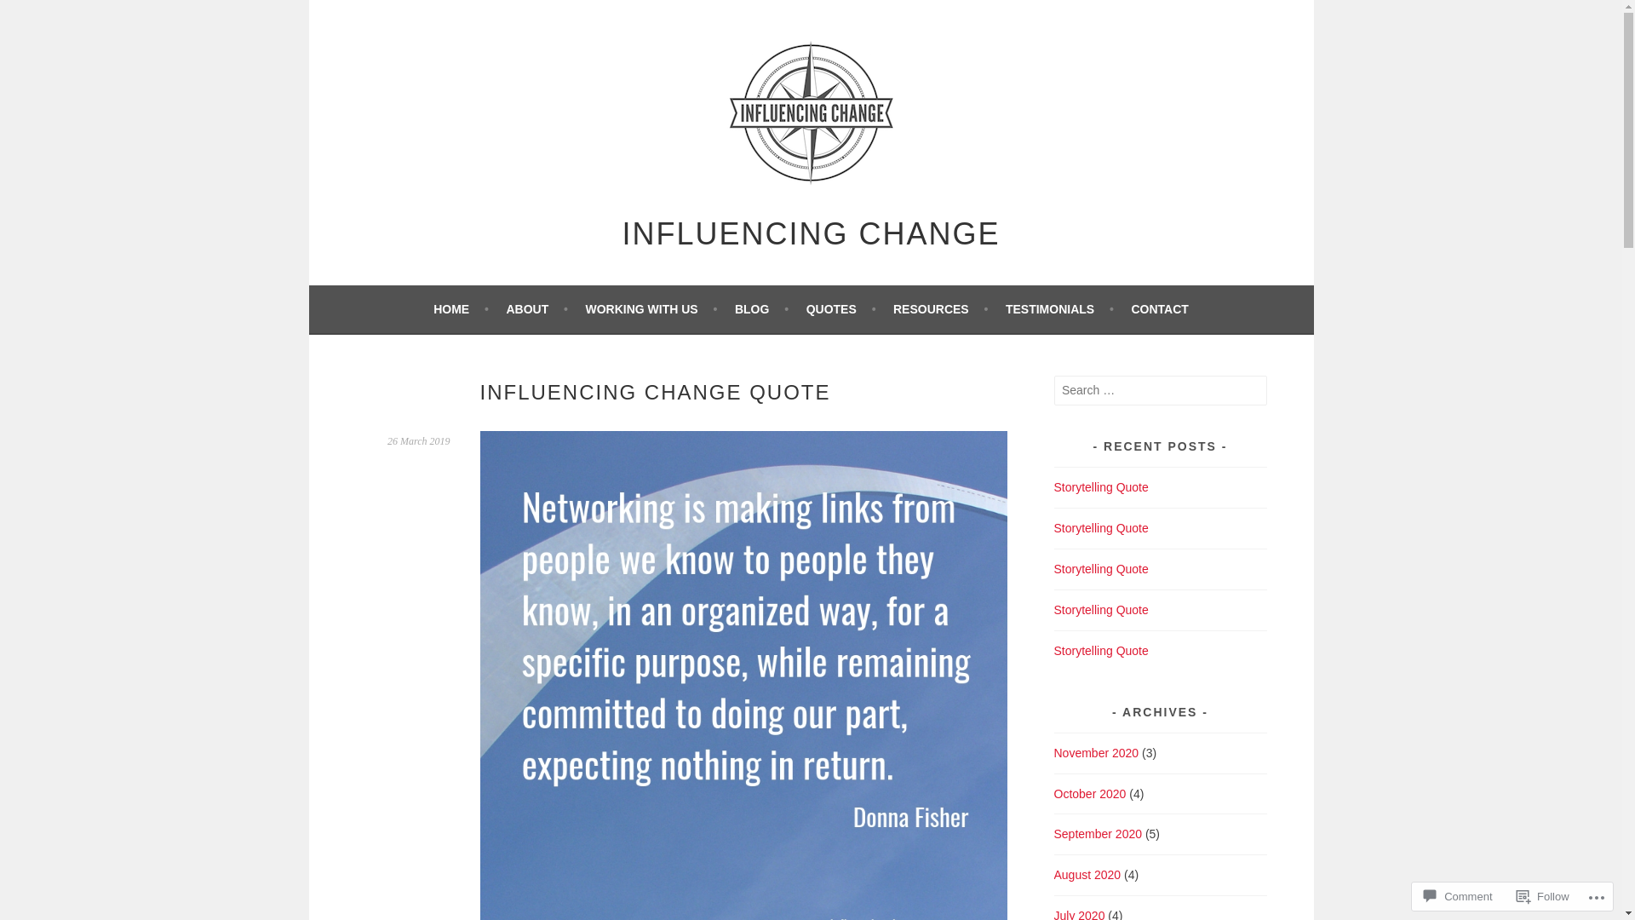  What do you see at coordinates (809, 233) in the screenshot?
I see `'INFLUENCING CHANGE'` at bounding box center [809, 233].